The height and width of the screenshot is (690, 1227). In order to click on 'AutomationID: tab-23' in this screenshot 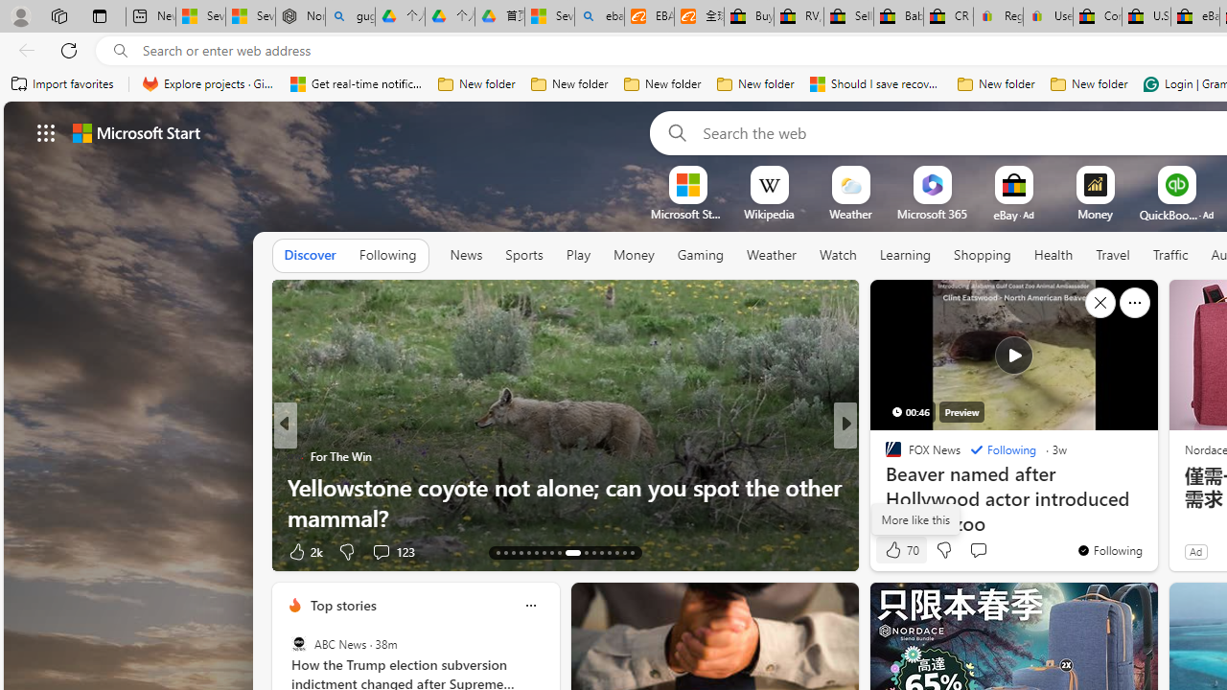, I will do `click(580, 553)`.